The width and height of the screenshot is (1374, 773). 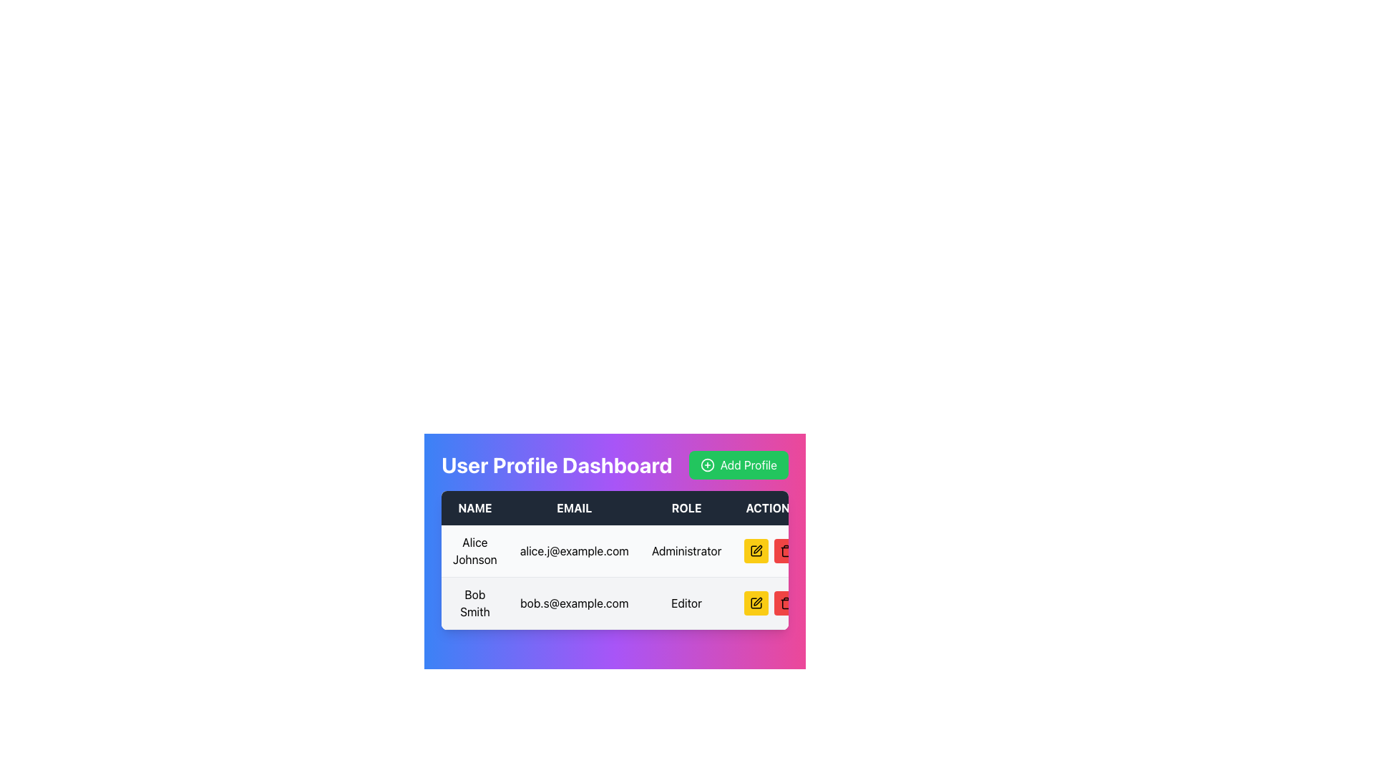 What do you see at coordinates (756, 603) in the screenshot?
I see `the yellow button with a pen icon in the 'Action' column for user 'Bob Smith'` at bounding box center [756, 603].